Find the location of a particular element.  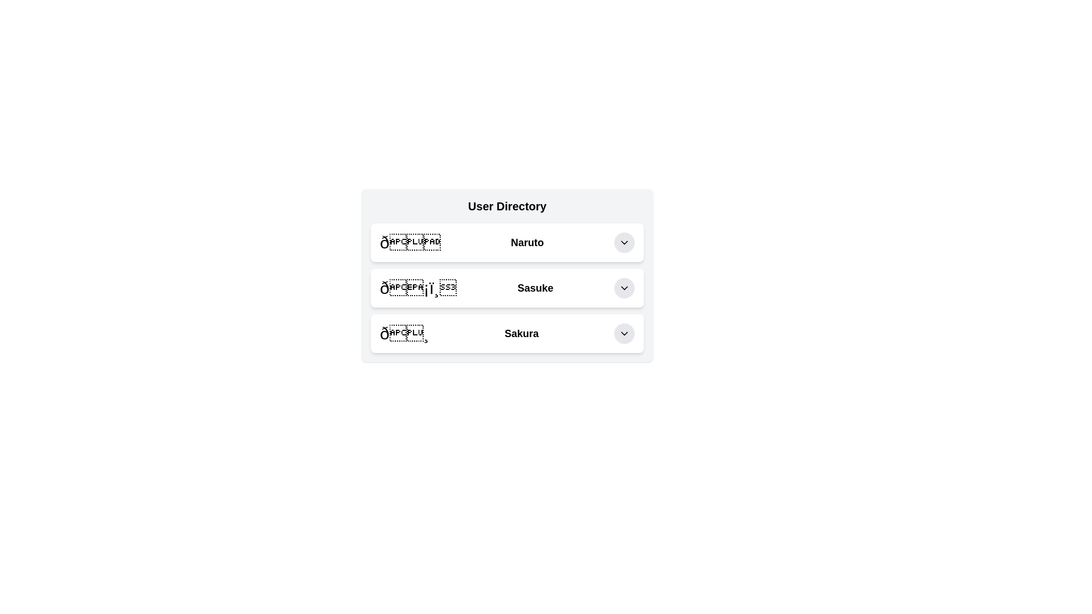

the dropdown trigger button located on the rightmost side of the row containing the text 'Sasuke' in the 'User Directory' list is located at coordinates (624, 287).